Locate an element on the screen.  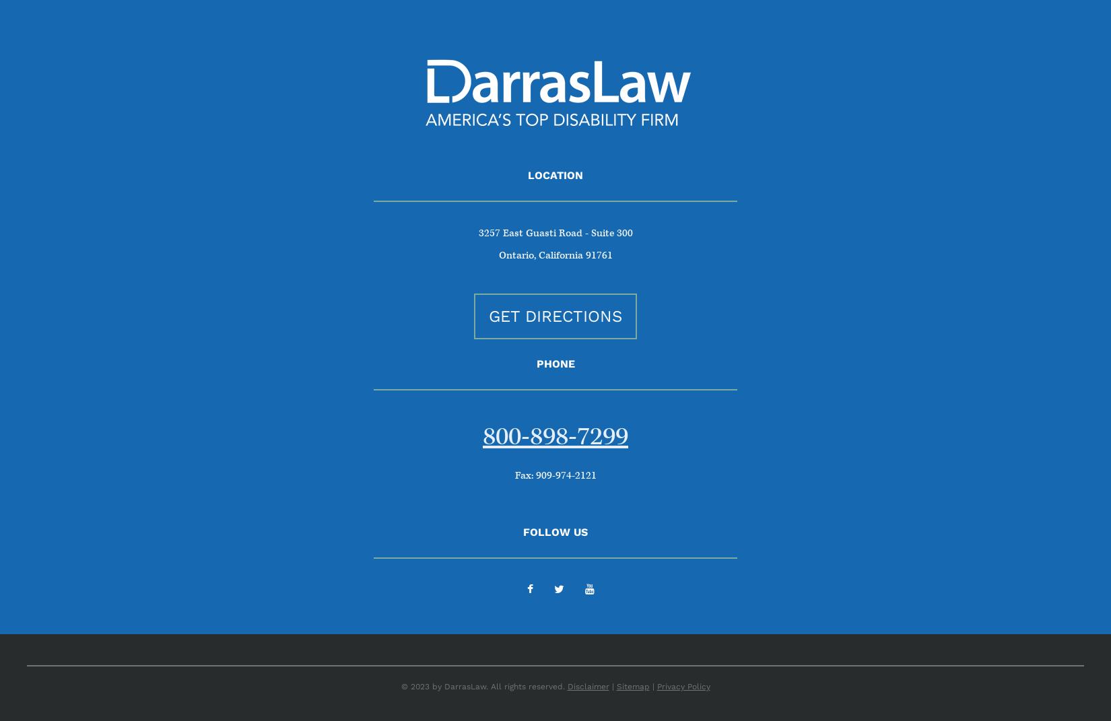
'Fax: 909-974-2121' is located at coordinates (554, 475).